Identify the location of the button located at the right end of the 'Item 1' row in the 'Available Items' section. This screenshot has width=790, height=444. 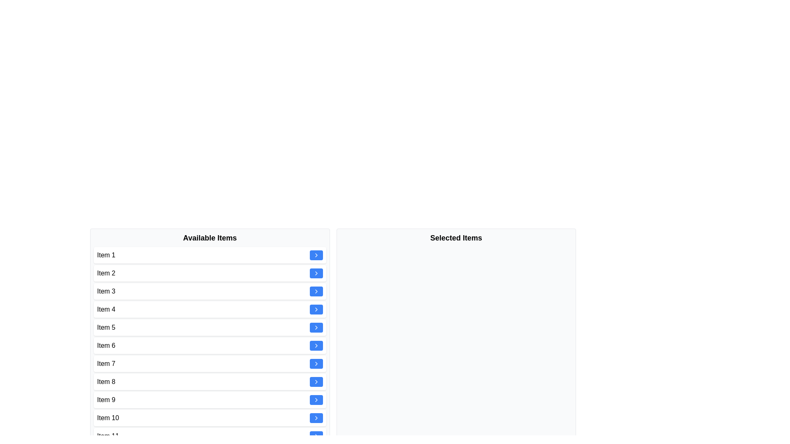
(316, 255).